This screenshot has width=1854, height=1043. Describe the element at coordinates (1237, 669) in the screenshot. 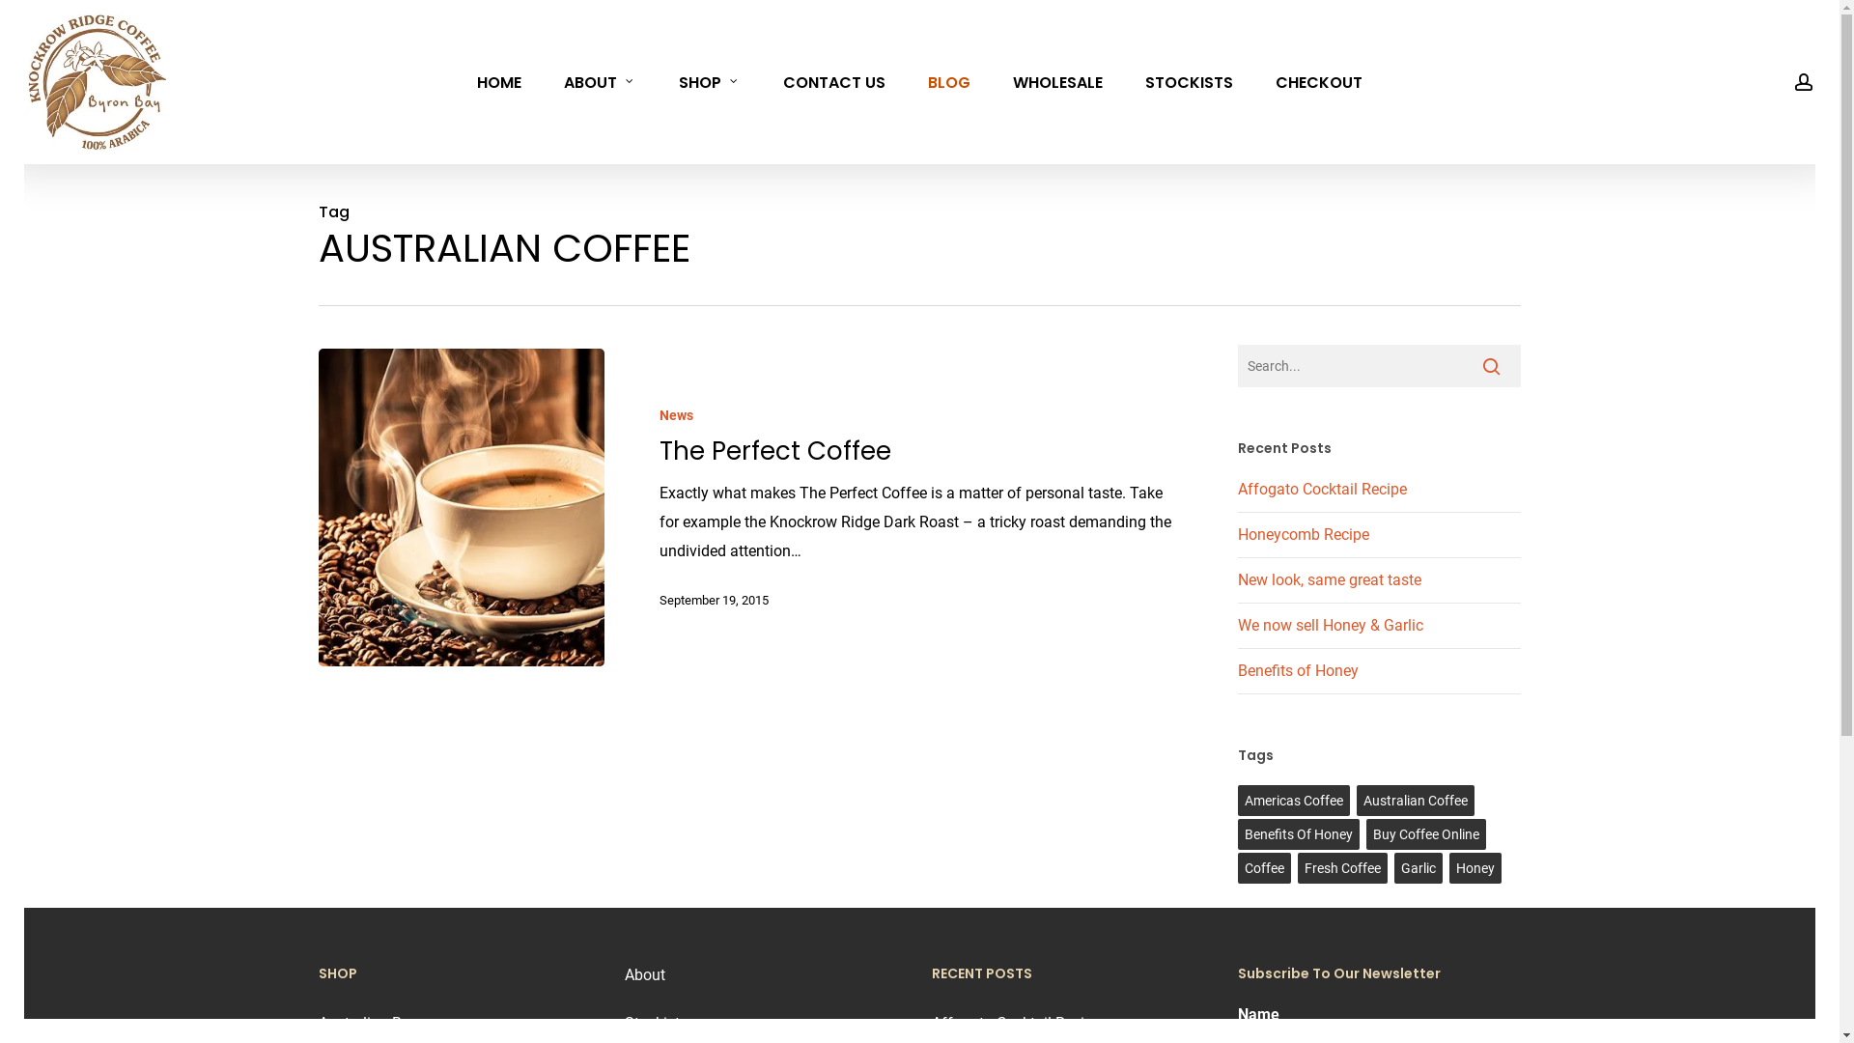

I see `'Benefits of Honey'` at that location.